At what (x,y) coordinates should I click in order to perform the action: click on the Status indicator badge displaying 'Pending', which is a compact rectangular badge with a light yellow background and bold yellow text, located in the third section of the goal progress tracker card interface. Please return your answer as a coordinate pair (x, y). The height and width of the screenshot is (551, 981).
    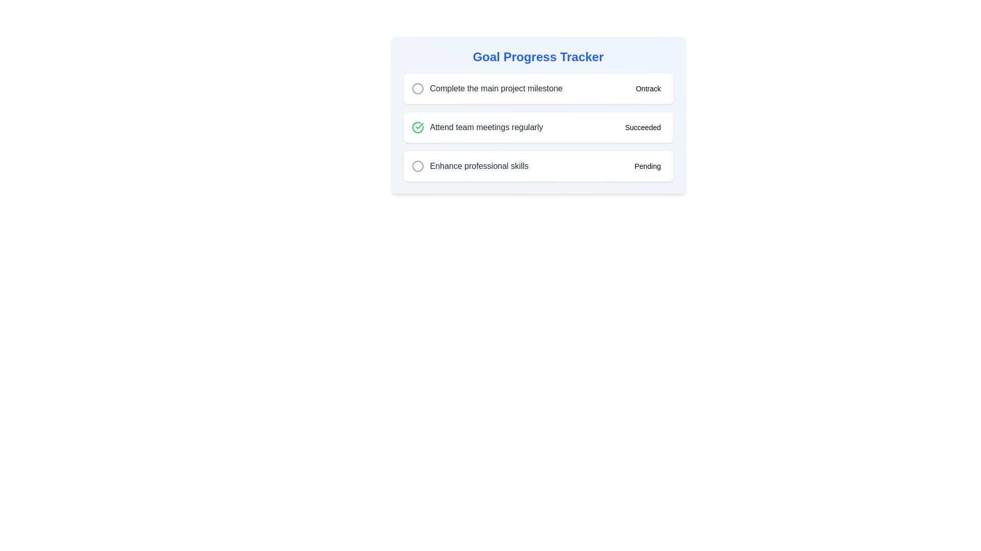
    Looking at the image, I should click on (647, 166).